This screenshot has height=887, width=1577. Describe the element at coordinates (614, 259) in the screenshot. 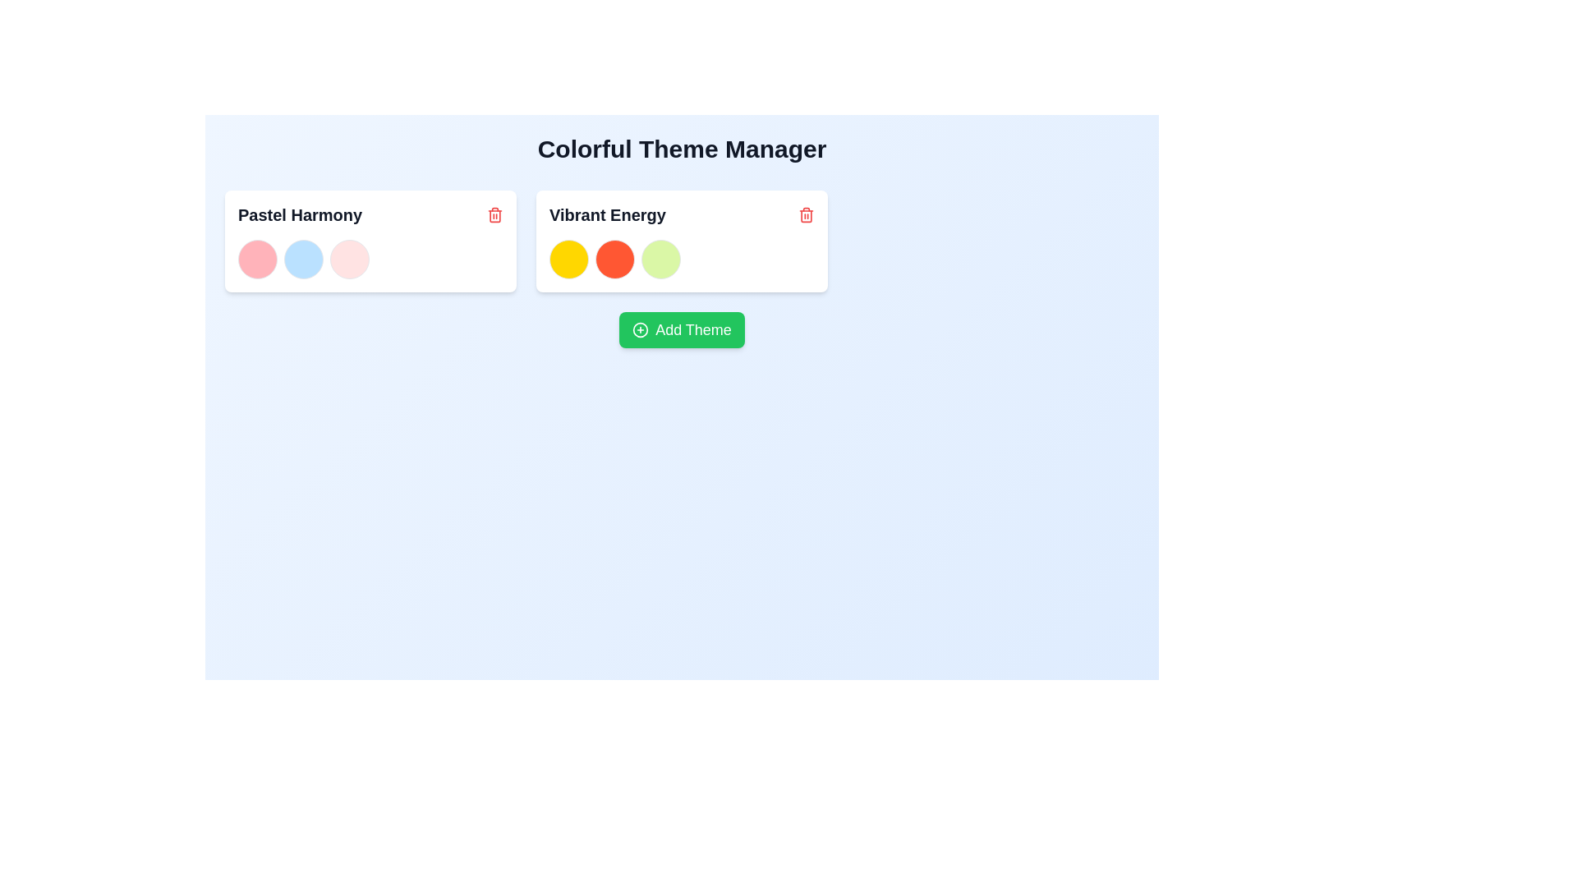

I see `the second circular decorative element in the 'Vibrant Energy' theme, which is visually centered between a yellow circle on the left and a pale green circle on the right` at that location.